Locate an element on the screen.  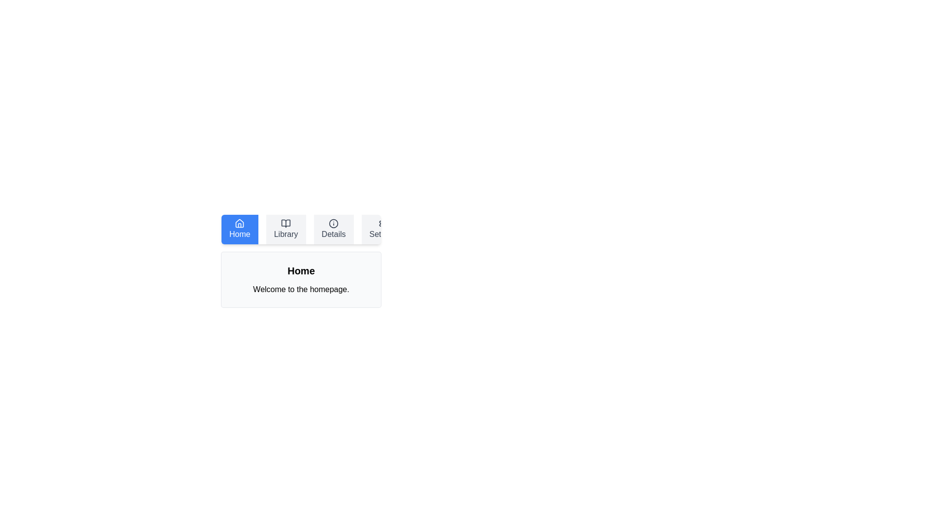
the Details tab to view its content is located at coordinates (334, 230).